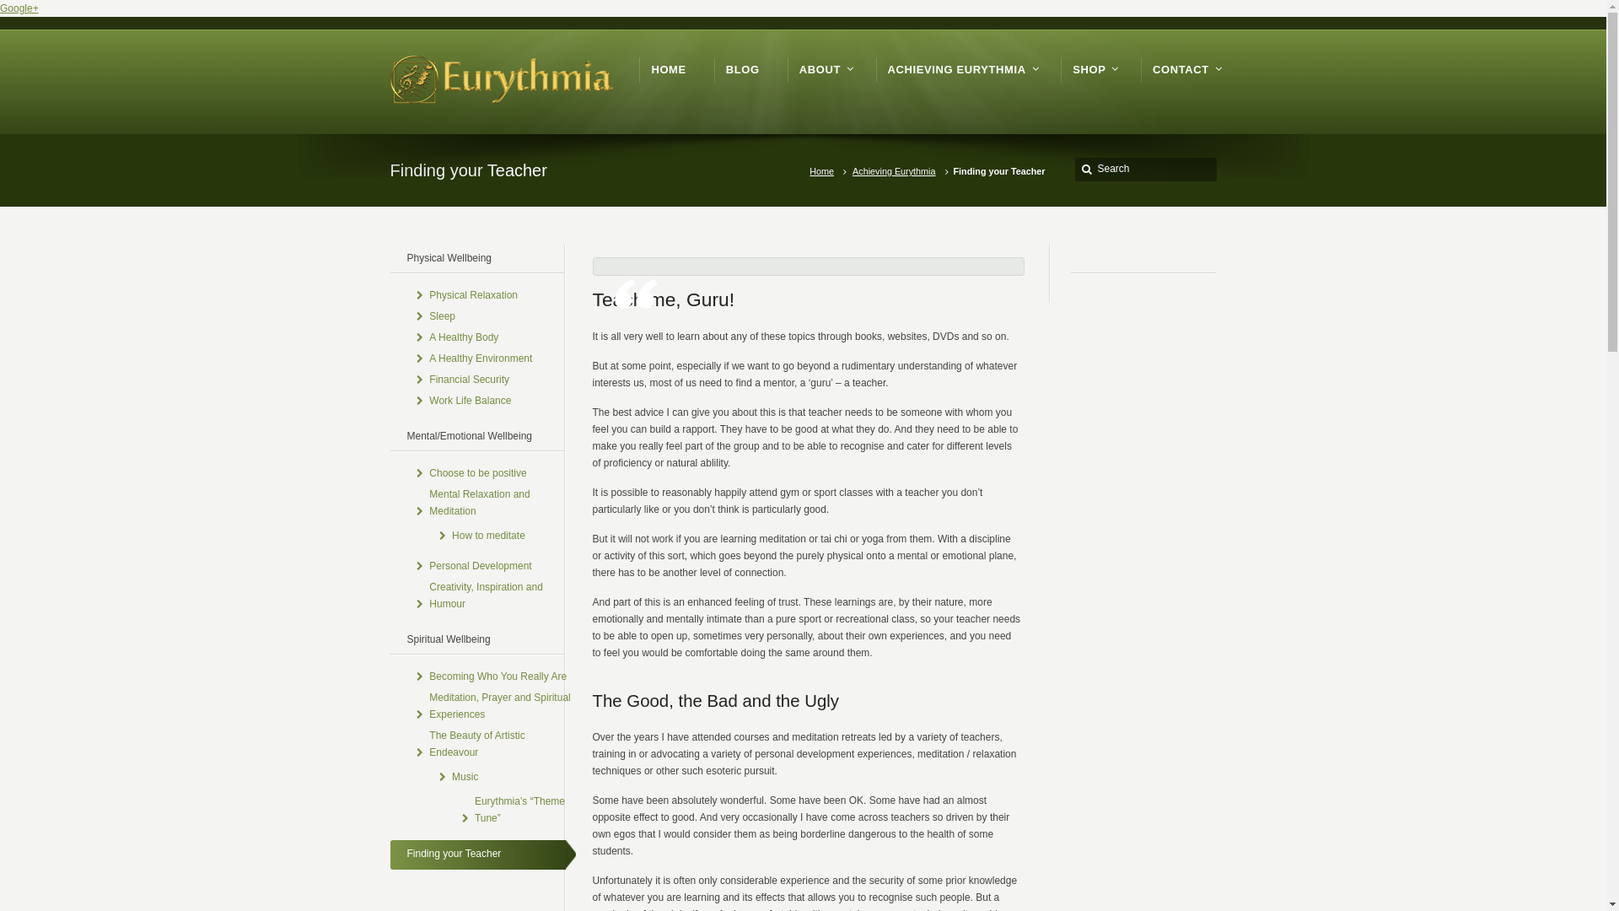 The height and width of the screenshot is (911, 1619). What do you see at coordinates (497, 676) in the screenshot?
I see `'Becoming Who You Really Are'` at bounding box center [497, 676].